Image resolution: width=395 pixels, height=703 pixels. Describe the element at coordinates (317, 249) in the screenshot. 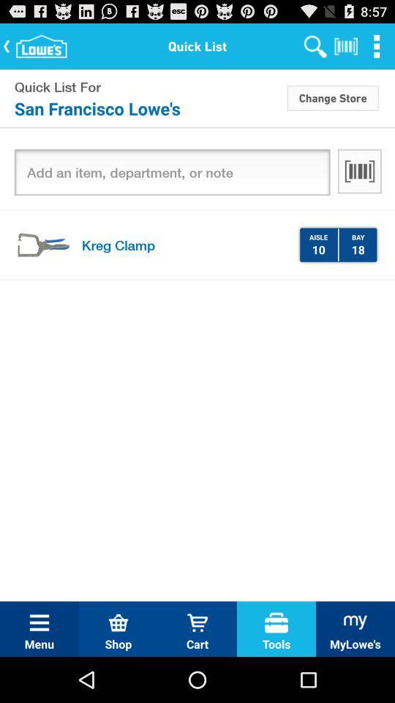

I see `icon next to the kreg clamp icon` at that location.